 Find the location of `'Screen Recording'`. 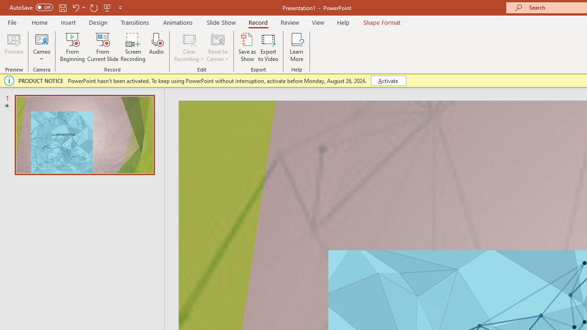

'Screen Recording' is located at coordinates (133, 47).